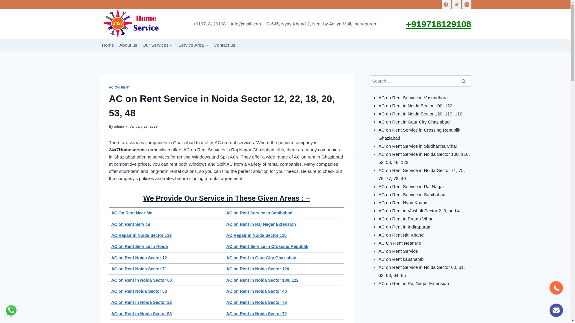 The image size is (575, 323). I want to click on 'AC on Rent kaushambi', so click(378, 259).